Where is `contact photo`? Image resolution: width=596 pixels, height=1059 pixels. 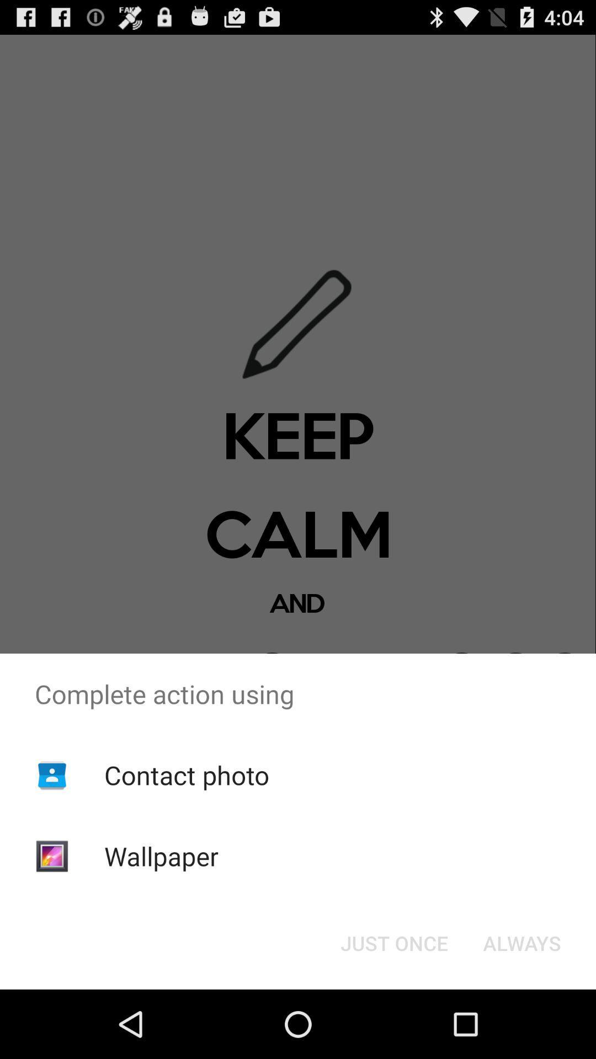 contact photo is located at coordinates (186, 774).